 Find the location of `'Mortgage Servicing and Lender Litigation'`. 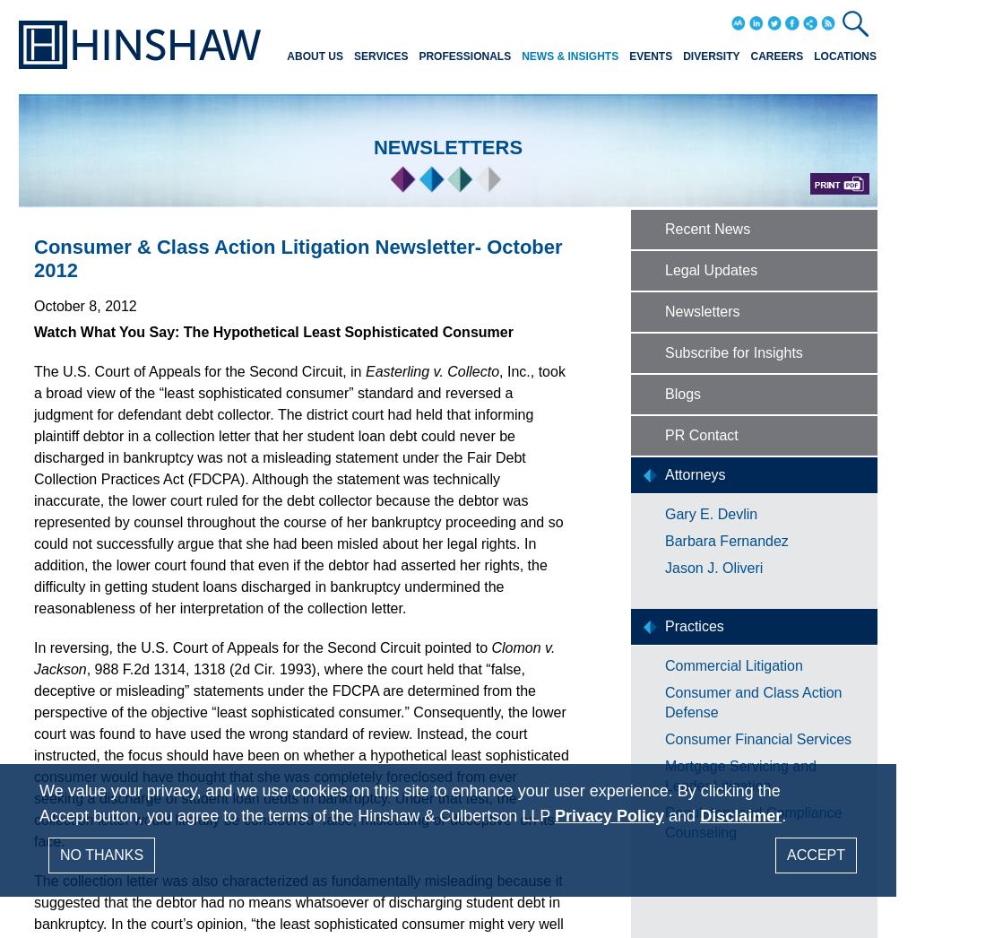

'Mortgage Servicing and Lender Litigation' is located at coordinates (739, 775).